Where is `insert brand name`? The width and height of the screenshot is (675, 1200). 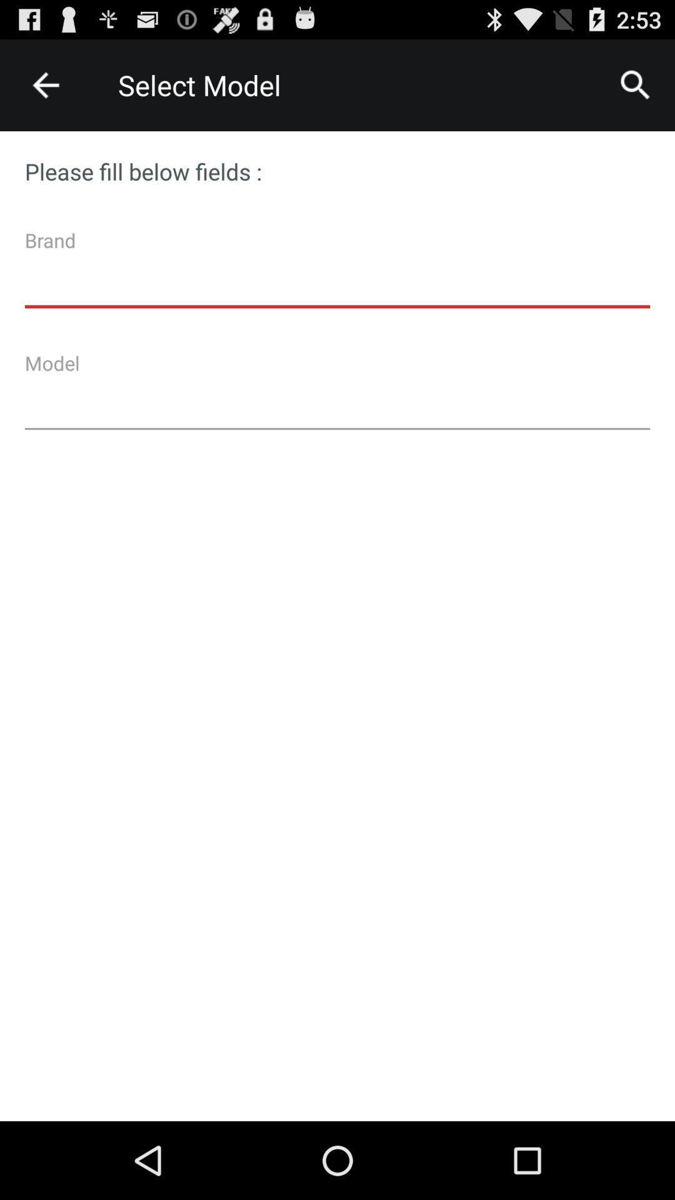 insert brand name is located at coordinates (337, 272).